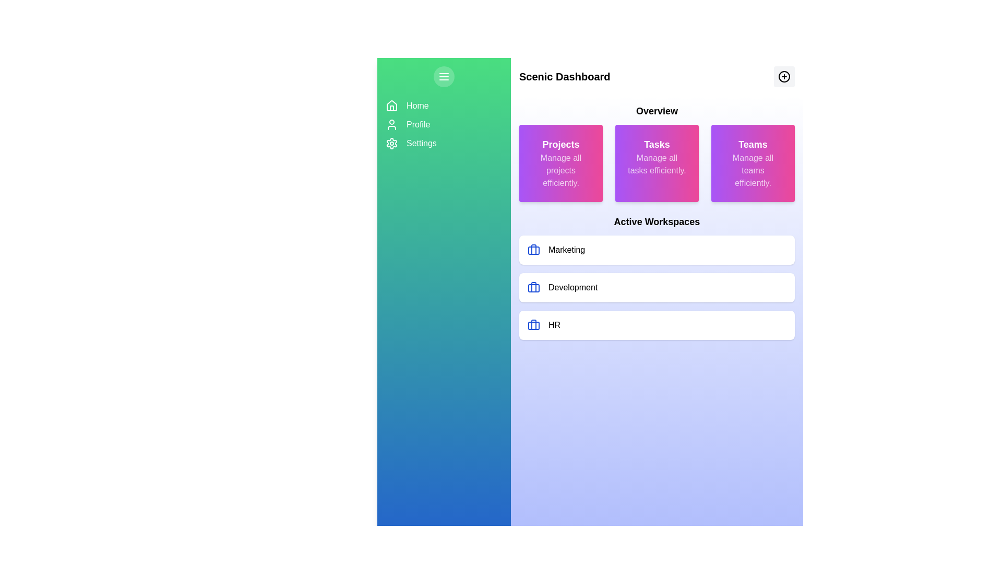  What do you see at coordinates (533, 325) in the screenshot?
I see `the HR workspace icon located in the third card under the Active Workspaces section, which visually represents the HR workspace` at bounding box center [533, 325].